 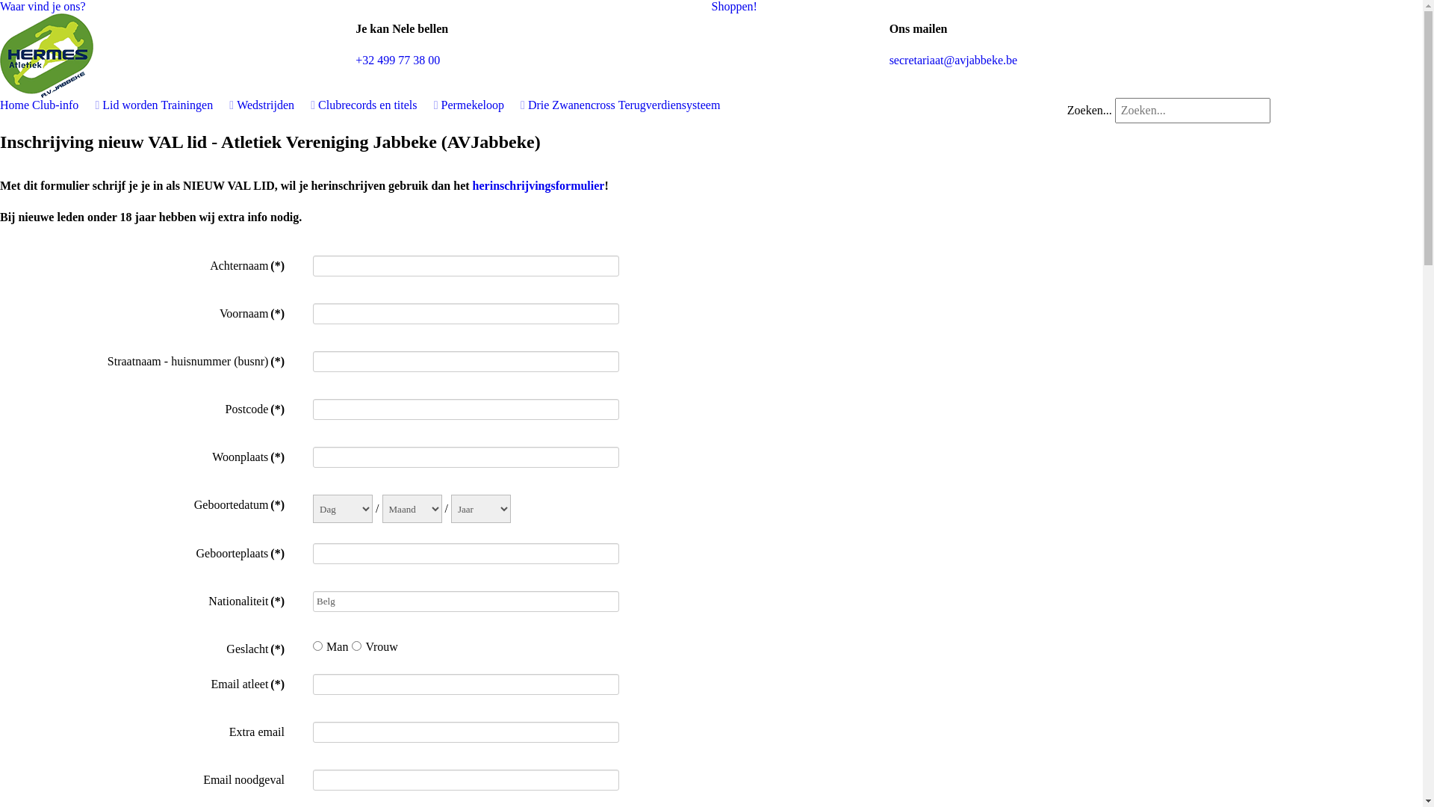 What do you see at coordinates (668, 104) in the screenshot?
I see `'Terugverdiensysteem'` at bounding box center [668, 104].